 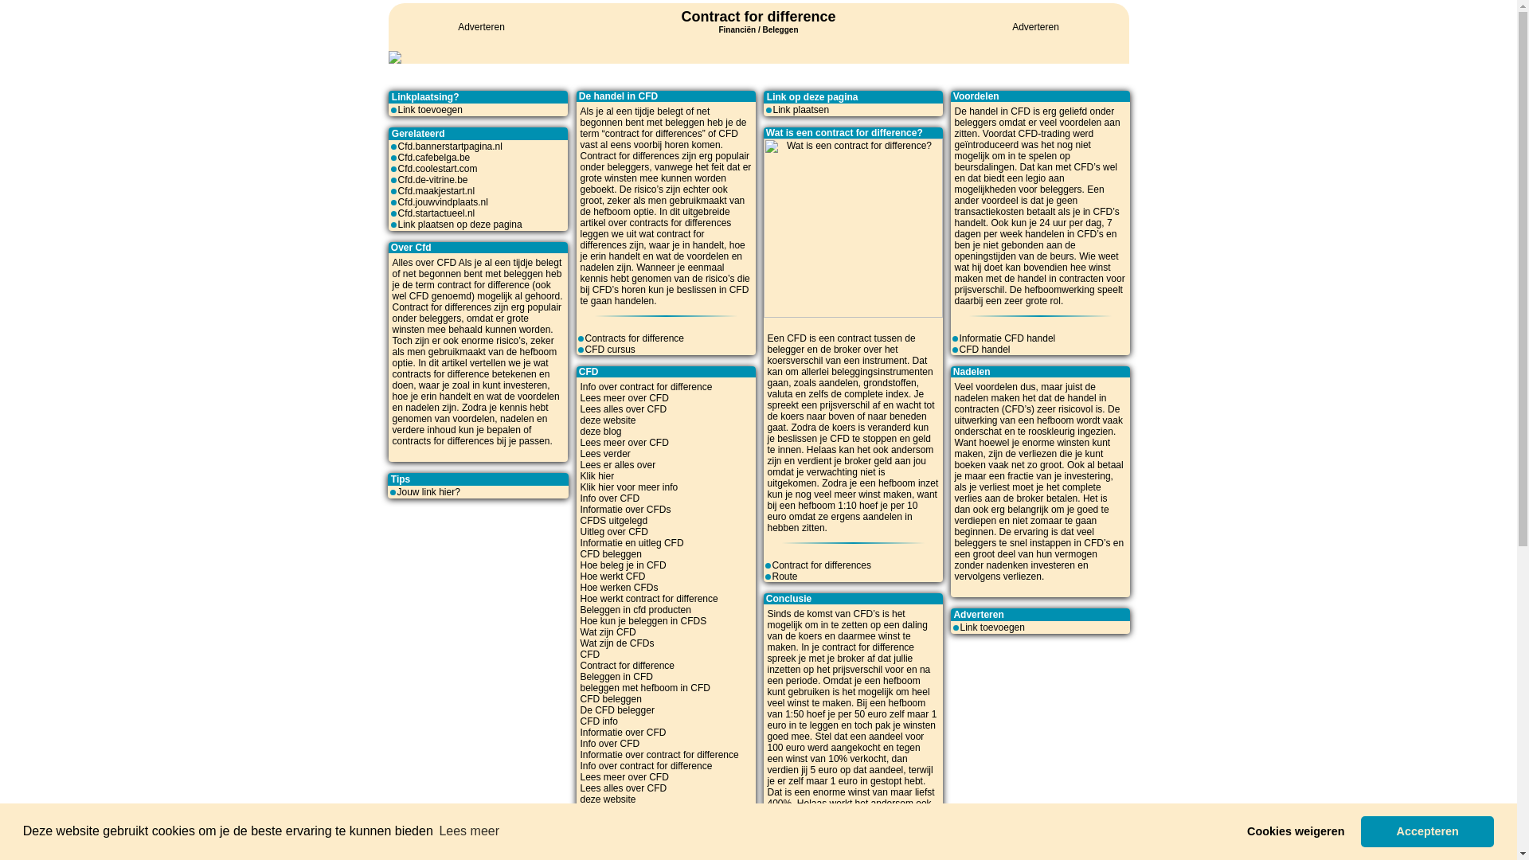 I want to click on 'Klik hier voor meer info', so click(x=628, y=487).